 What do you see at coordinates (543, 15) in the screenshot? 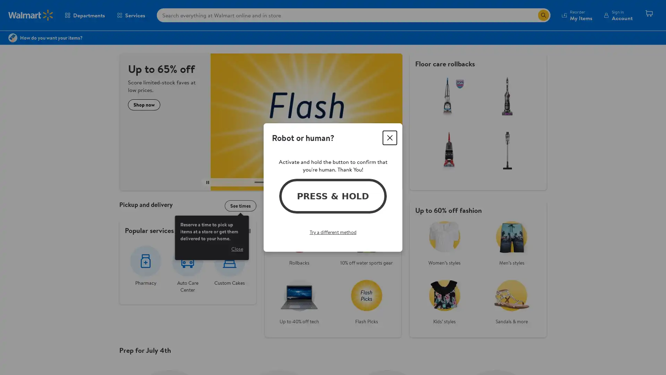
I see `Search icon` at bounding box center [543, 15].